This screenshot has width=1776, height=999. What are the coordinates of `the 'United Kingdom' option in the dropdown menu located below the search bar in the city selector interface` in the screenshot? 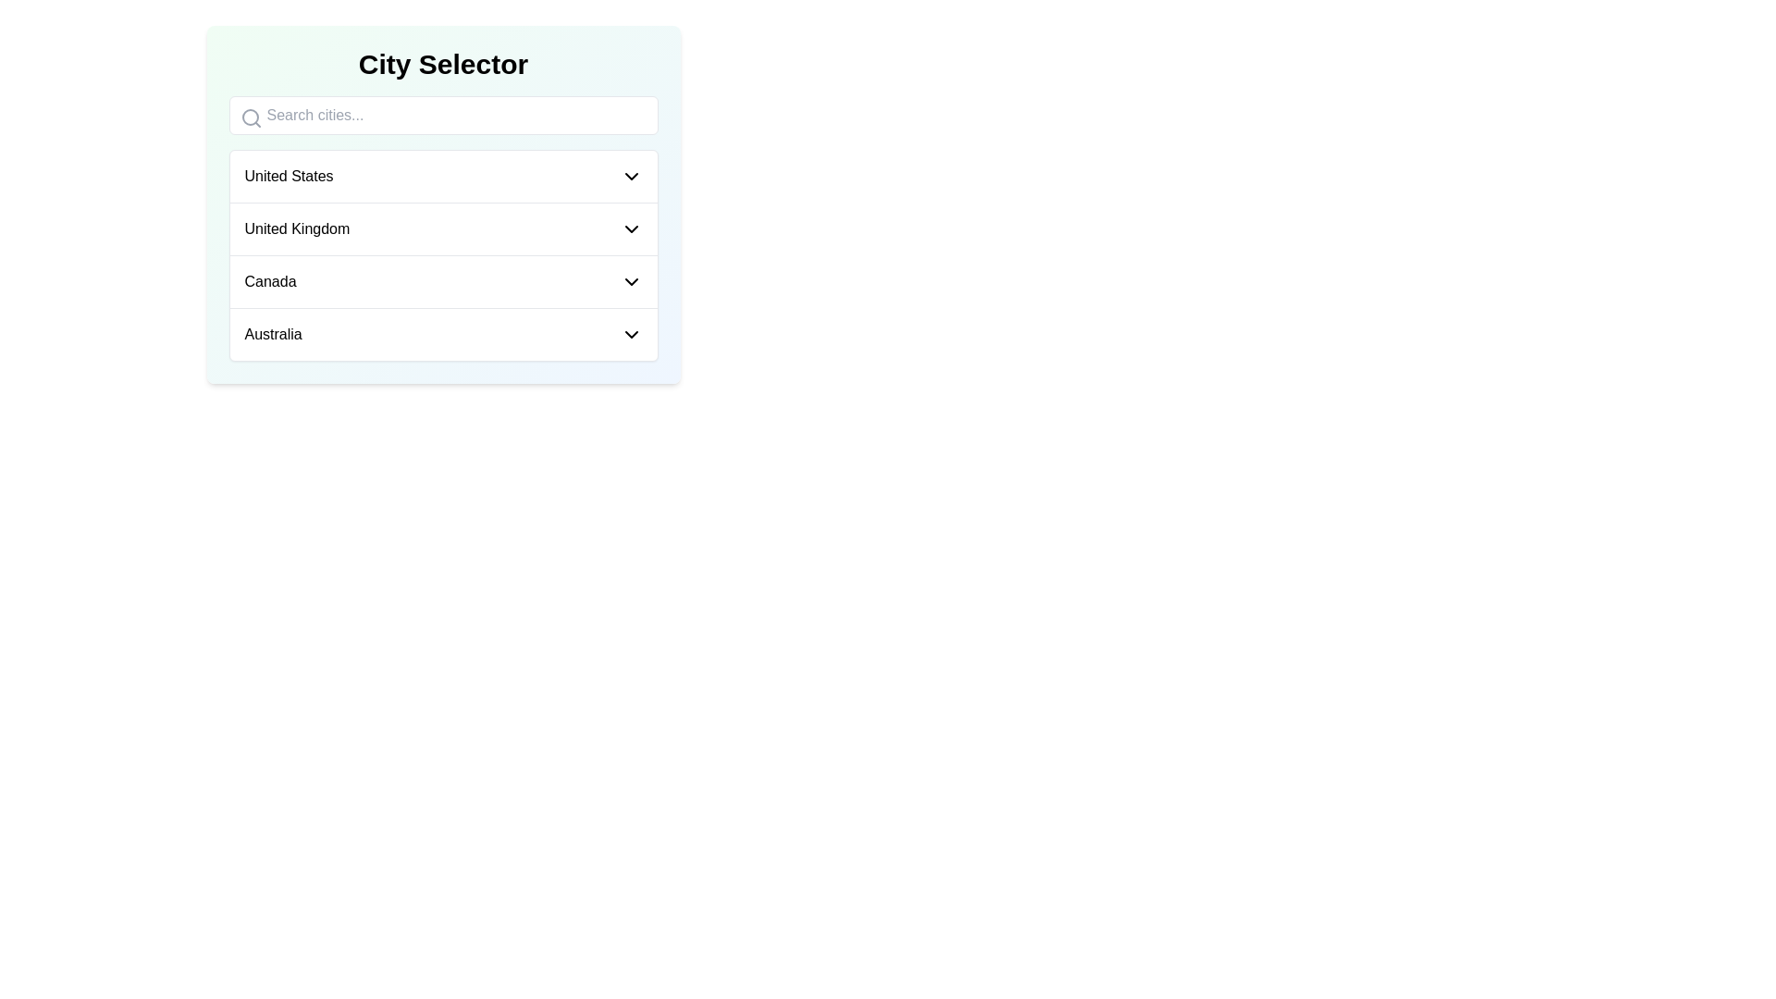 It's located at (442, 228).